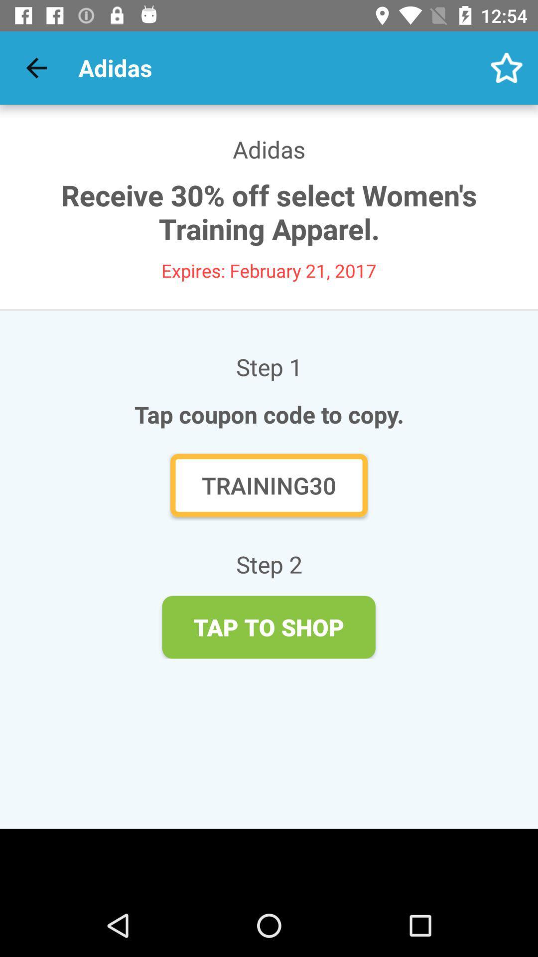  Describe the element at coordinates (507, 67) in the screenshot. I see `the item above adidas icon` at that location.